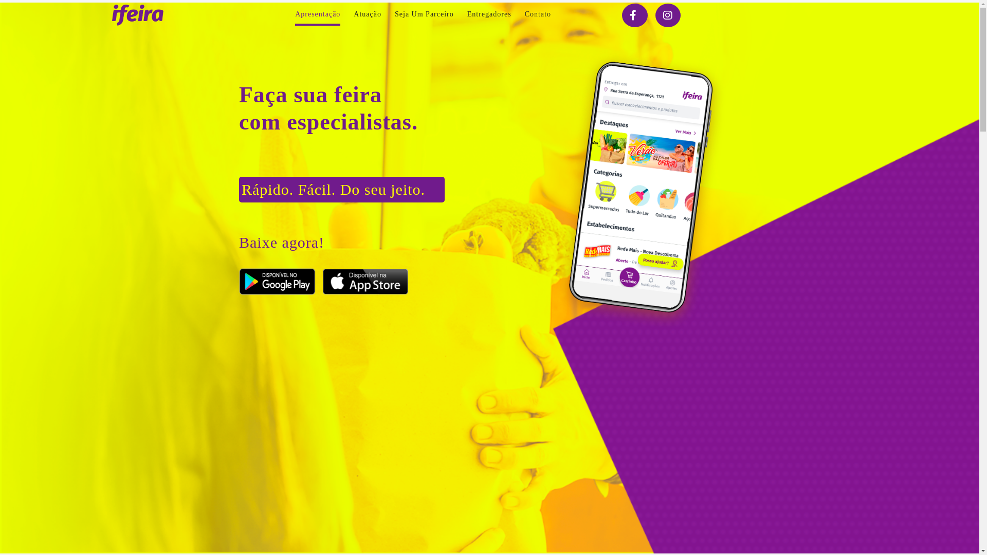 The image size is (987, 555). I want to click on 'Entregadores', so click(488, 14).